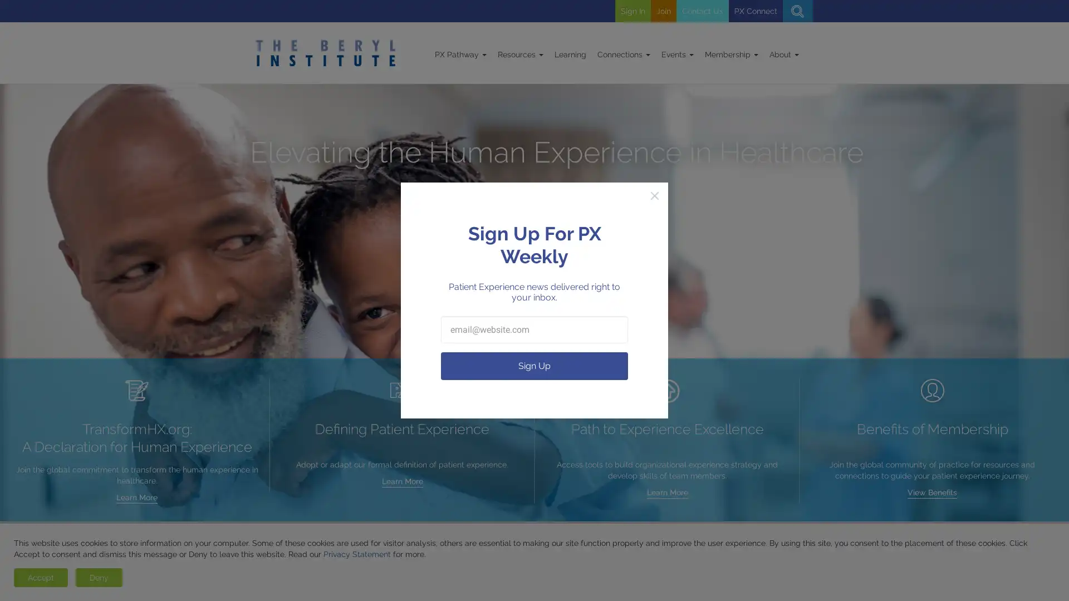  Describe the element at coordinates (41, 577) in the screenshot. I see `Accept` at that location.